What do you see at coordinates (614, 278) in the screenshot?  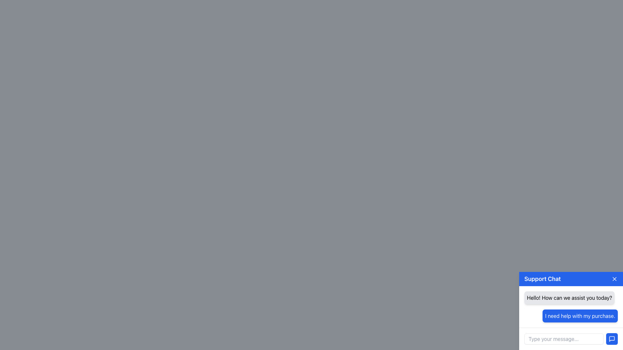 I see `the close icon (X) located at the top-right corner of the 'Support Chat' header` at bounding box center [614, 278].